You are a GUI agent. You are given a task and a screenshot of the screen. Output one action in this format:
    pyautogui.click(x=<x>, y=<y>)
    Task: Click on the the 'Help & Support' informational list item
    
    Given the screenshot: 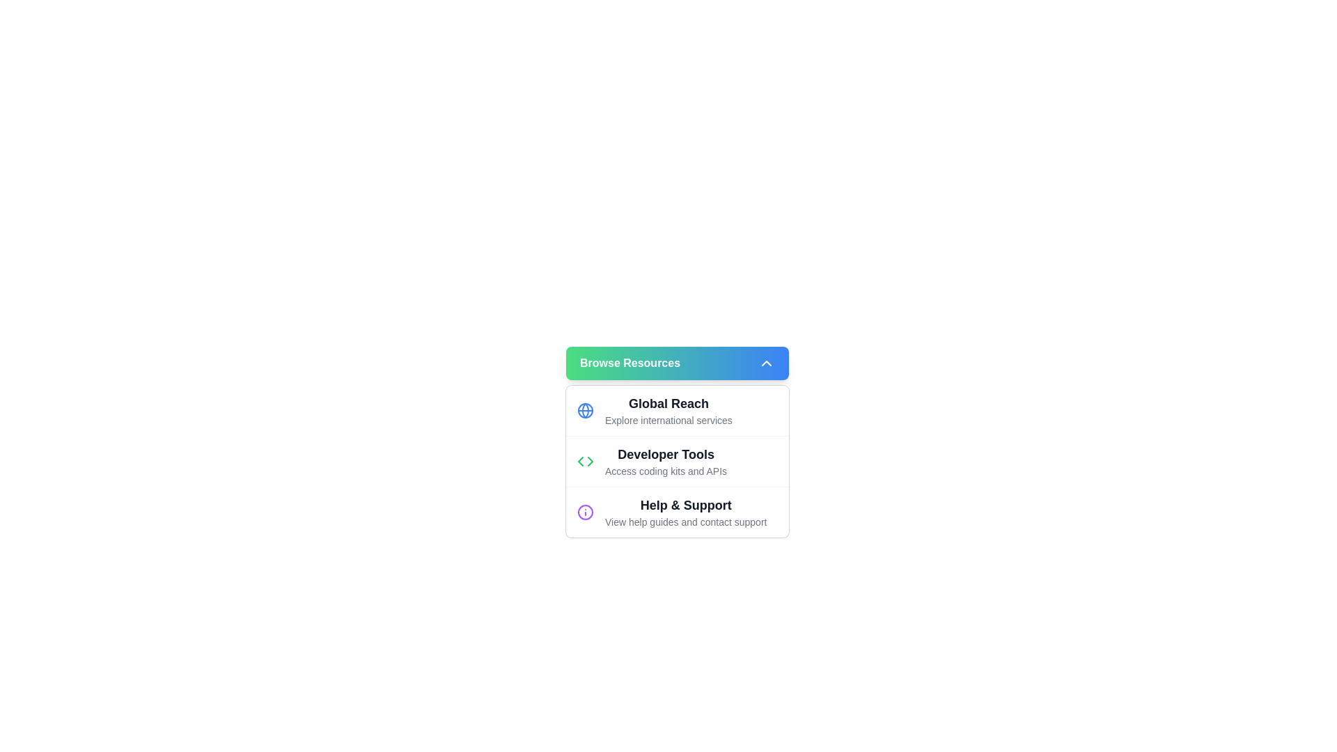 What is the action you would take?
    pyautogui.click(x=686, y=512)
    